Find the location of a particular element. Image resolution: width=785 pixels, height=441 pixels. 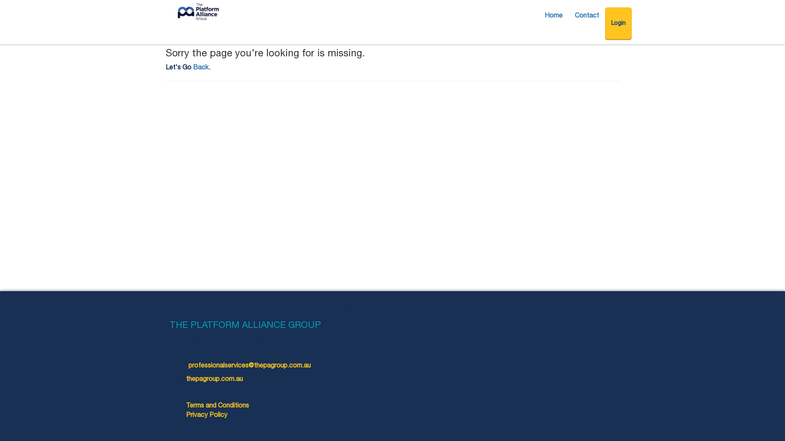

'Privacy Policy' is located at coordinates (186, 416).